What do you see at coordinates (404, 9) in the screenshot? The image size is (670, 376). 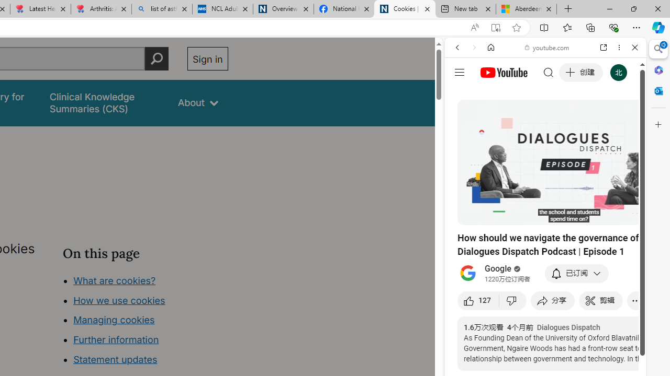 I see `'Cookies | About | NICE'` at bounding box center [404, 9].